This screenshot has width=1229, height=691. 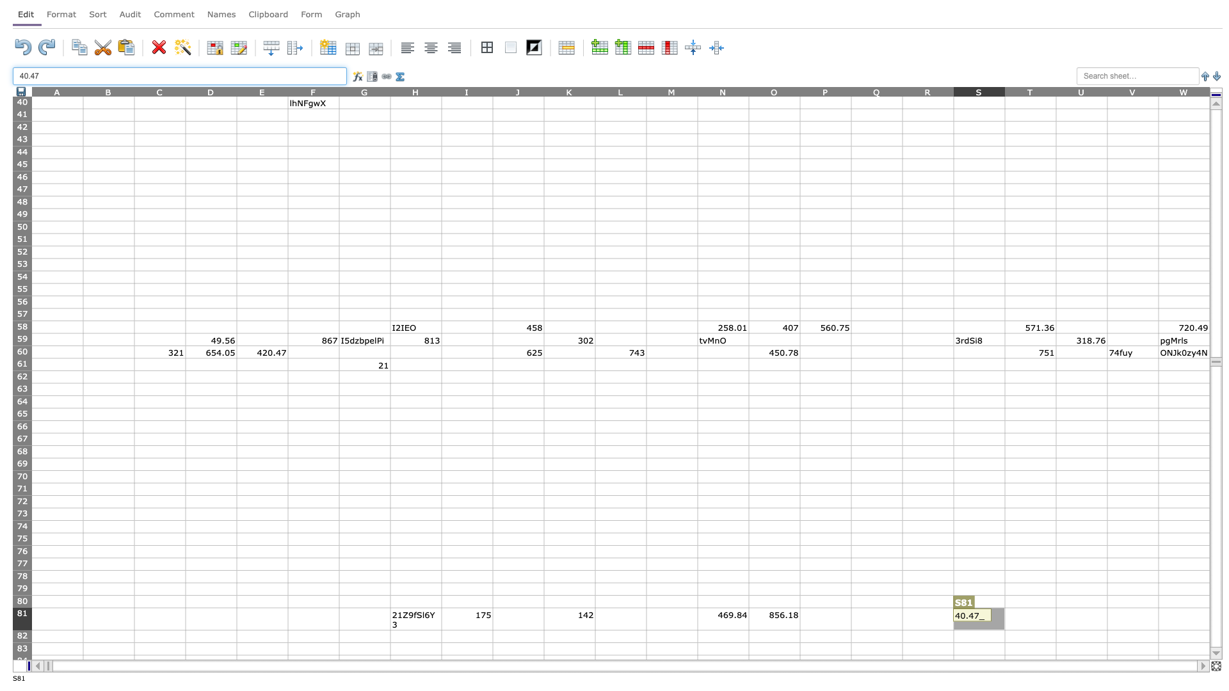 I want to click on right border of T81, so click(x=1056, y=618).